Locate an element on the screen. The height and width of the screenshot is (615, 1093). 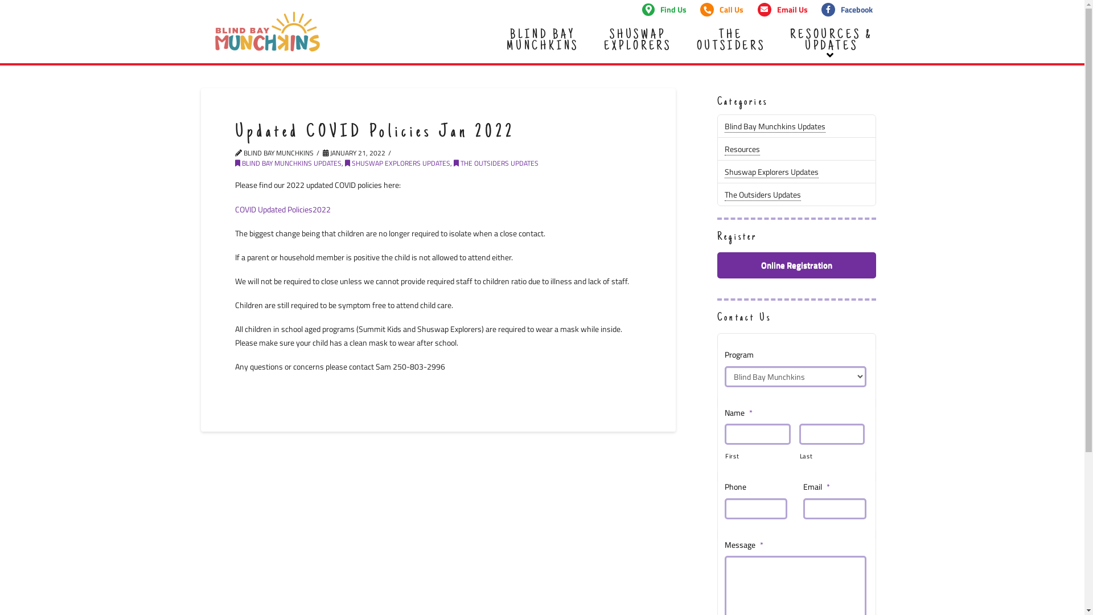
'SHUSWAP is located at coordinates (590, 40).